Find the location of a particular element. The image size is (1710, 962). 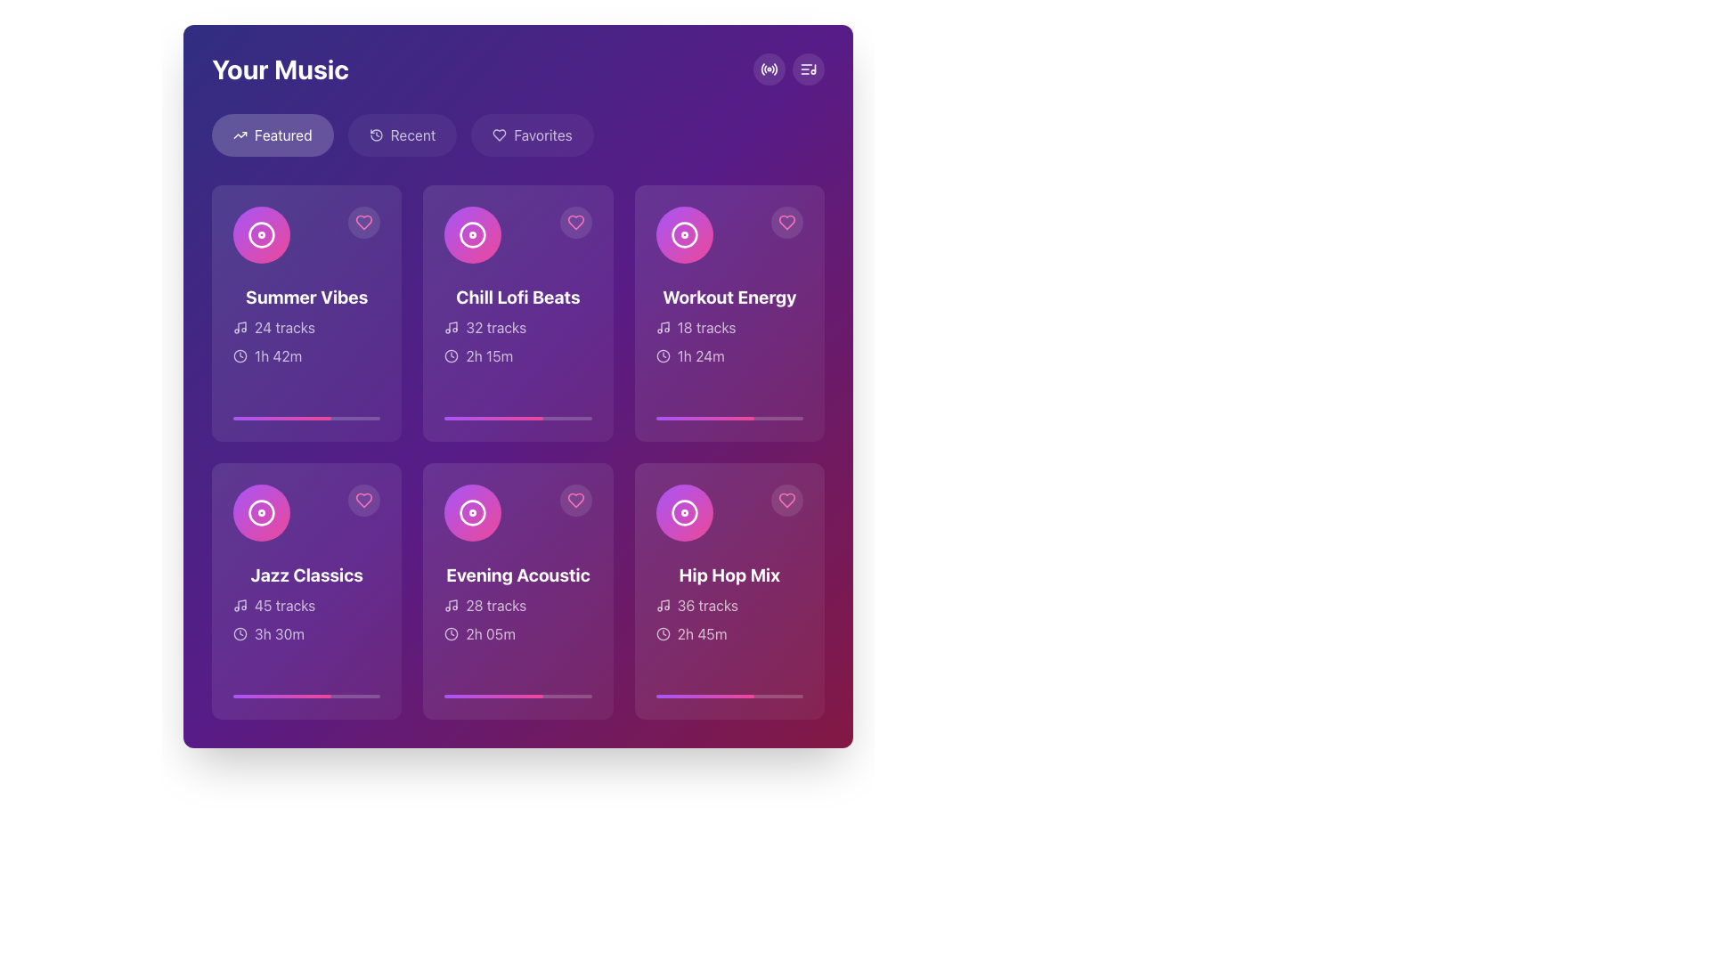

the heart-shaped icon in the top-right section of the 'Workout Energy' card is located at coordinates (786, 222).